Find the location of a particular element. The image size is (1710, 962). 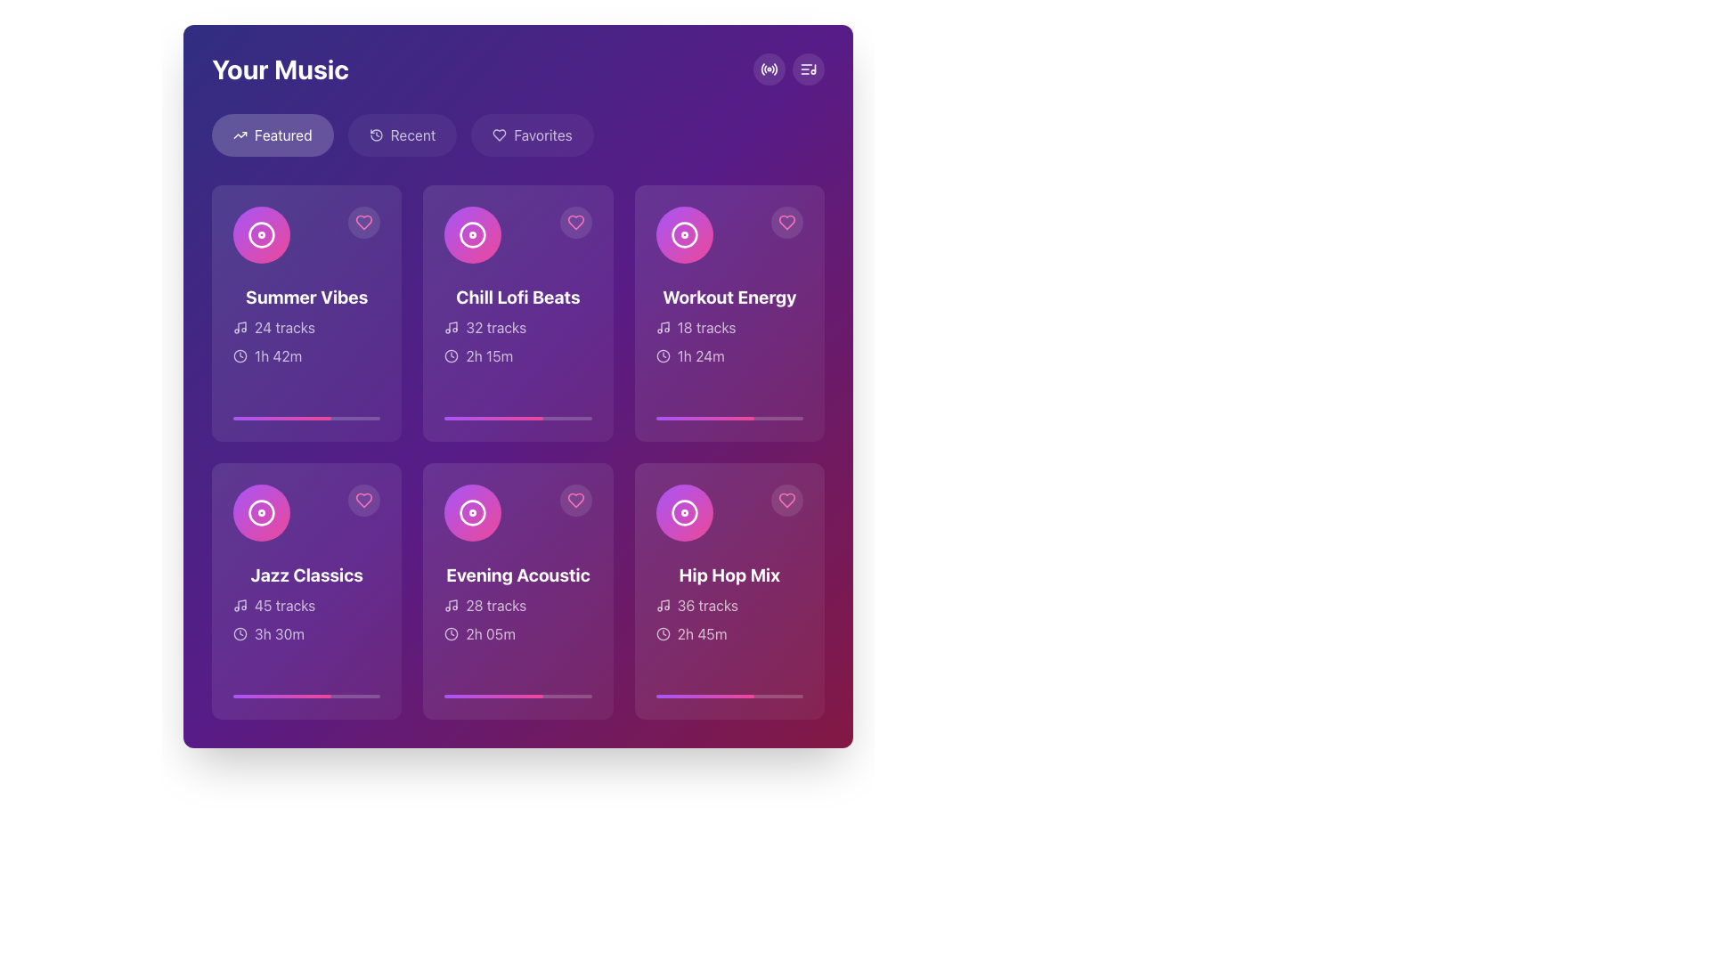

the heart-shaped icon in the top-right section of the 'Workout Energy' card is located at coordinates (786, 222).